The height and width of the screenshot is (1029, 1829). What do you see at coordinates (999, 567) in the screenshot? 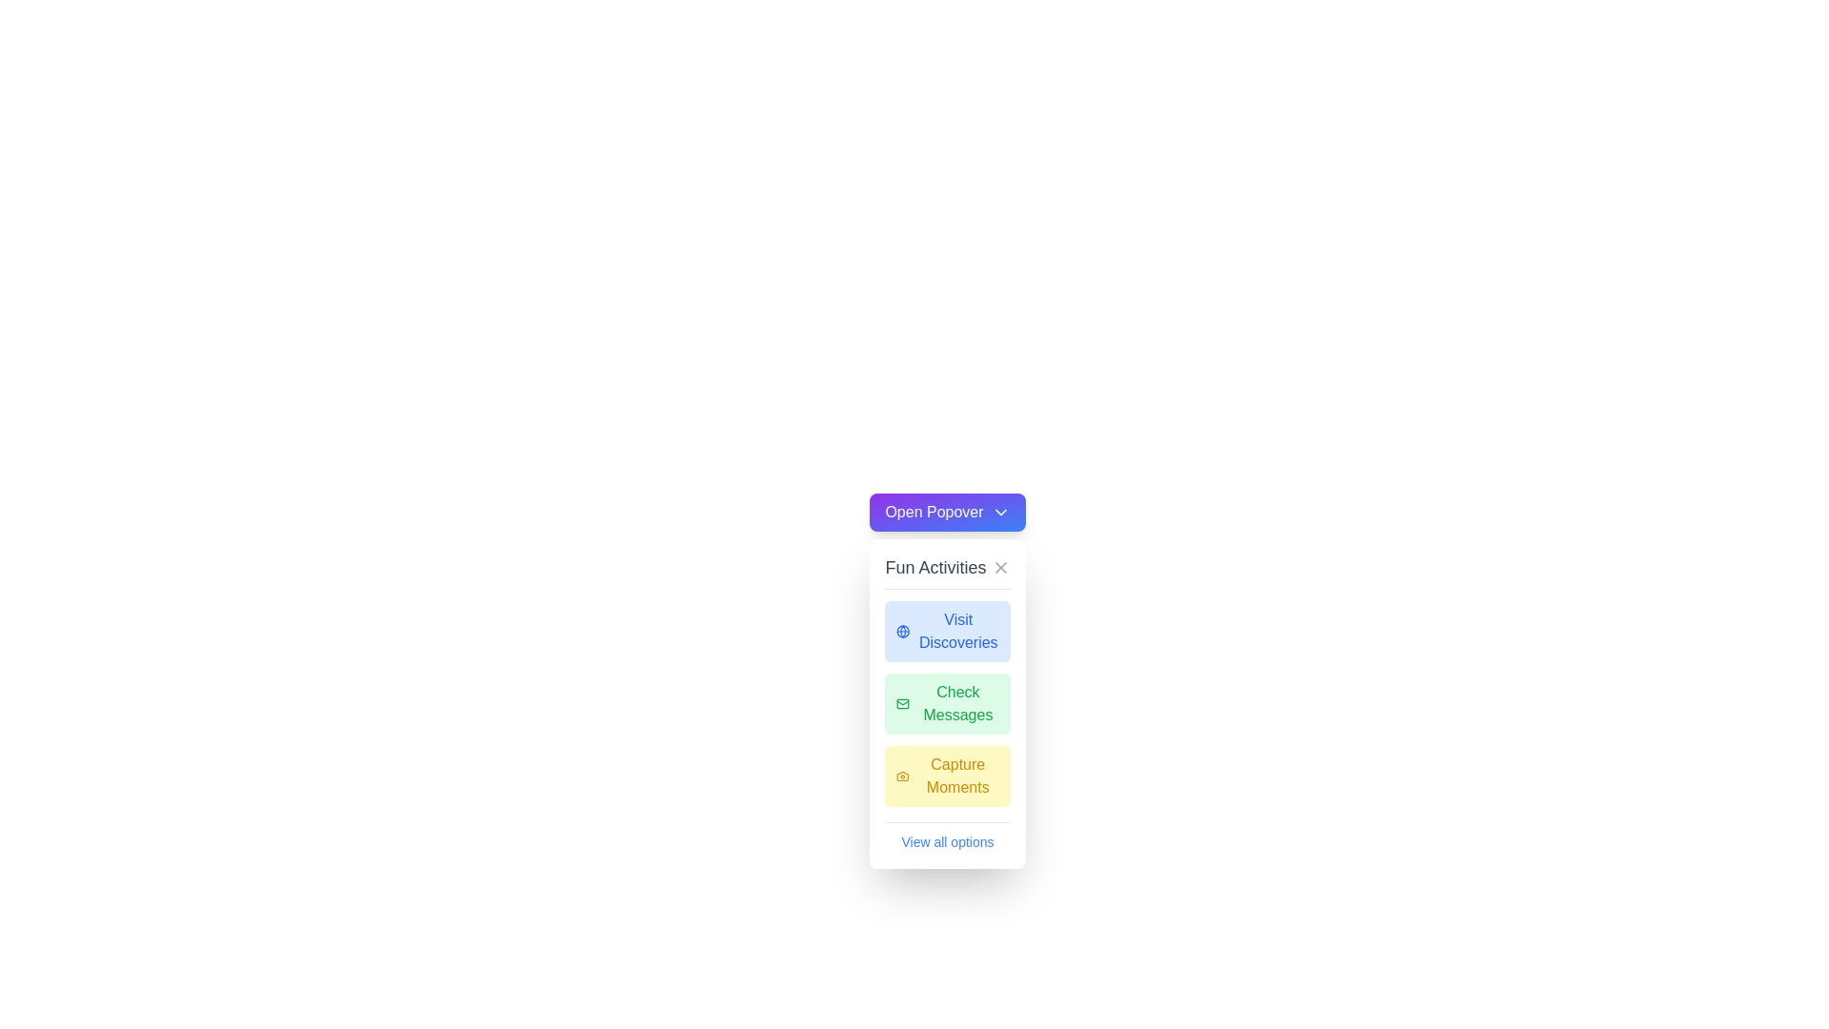
I see `the Close button in the upper-right corner of the 'Fun Activities' header to change its color to red` at bounding box center [999, 567].